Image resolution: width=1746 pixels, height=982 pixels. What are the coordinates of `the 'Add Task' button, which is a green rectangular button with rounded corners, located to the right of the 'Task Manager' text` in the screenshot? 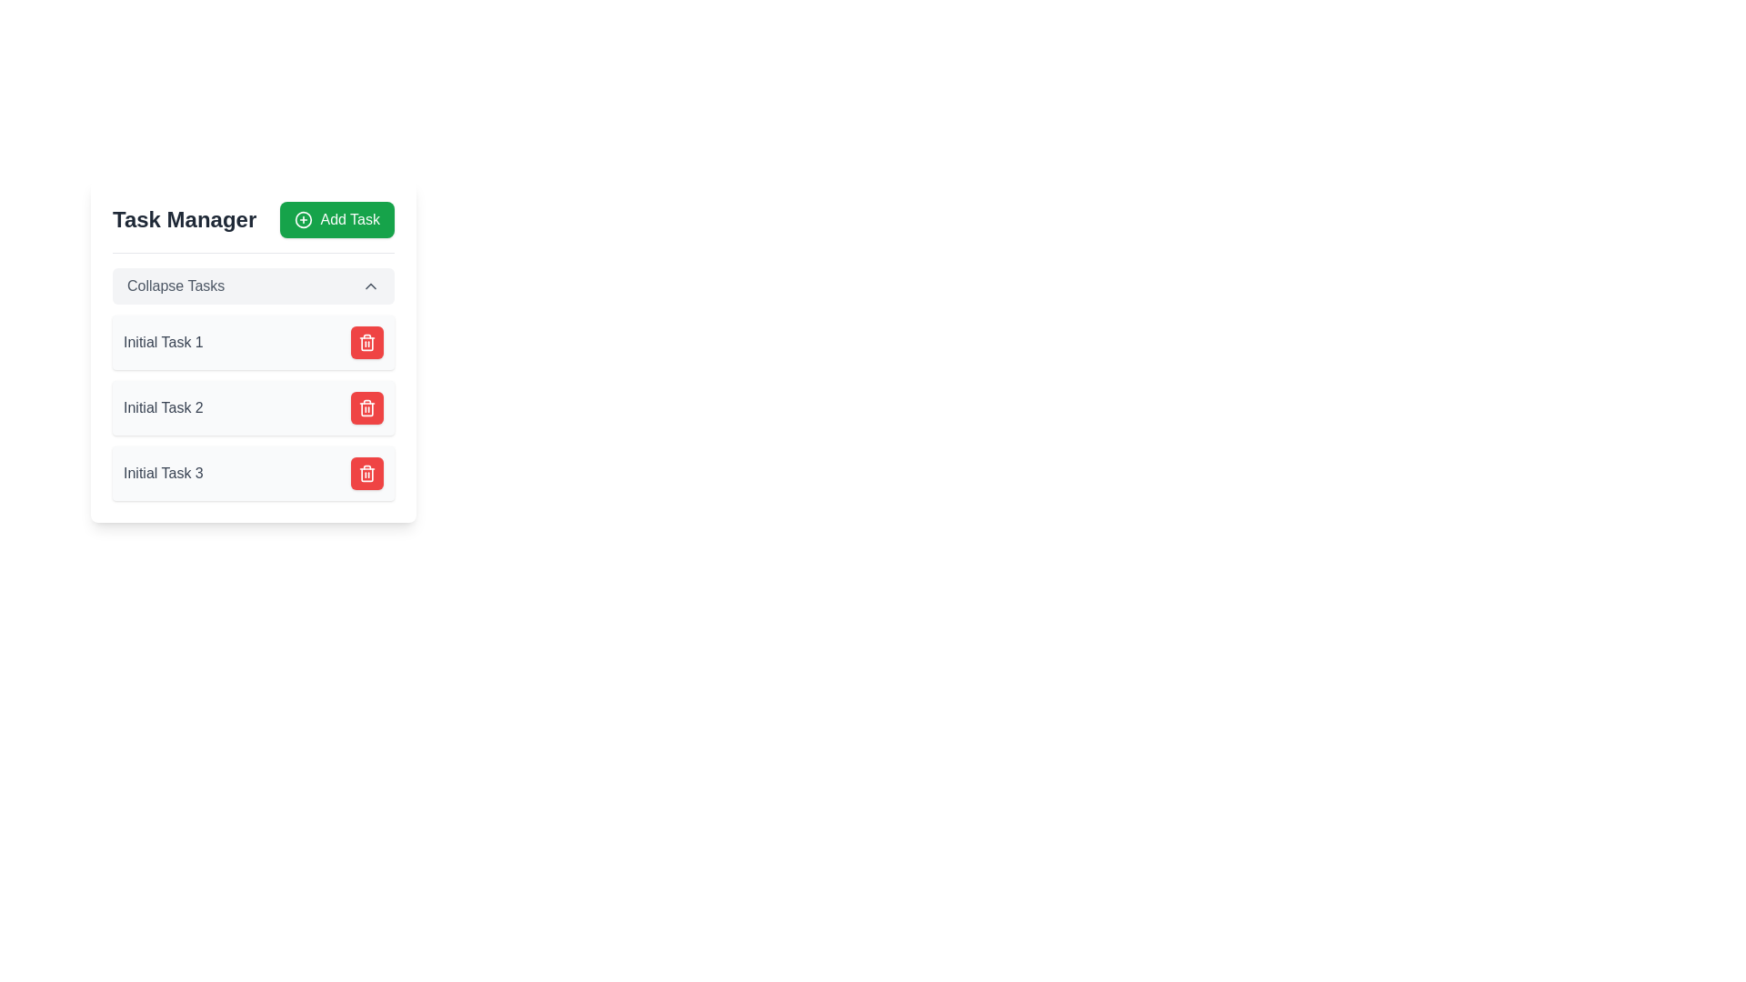 It's located at (336, 219).